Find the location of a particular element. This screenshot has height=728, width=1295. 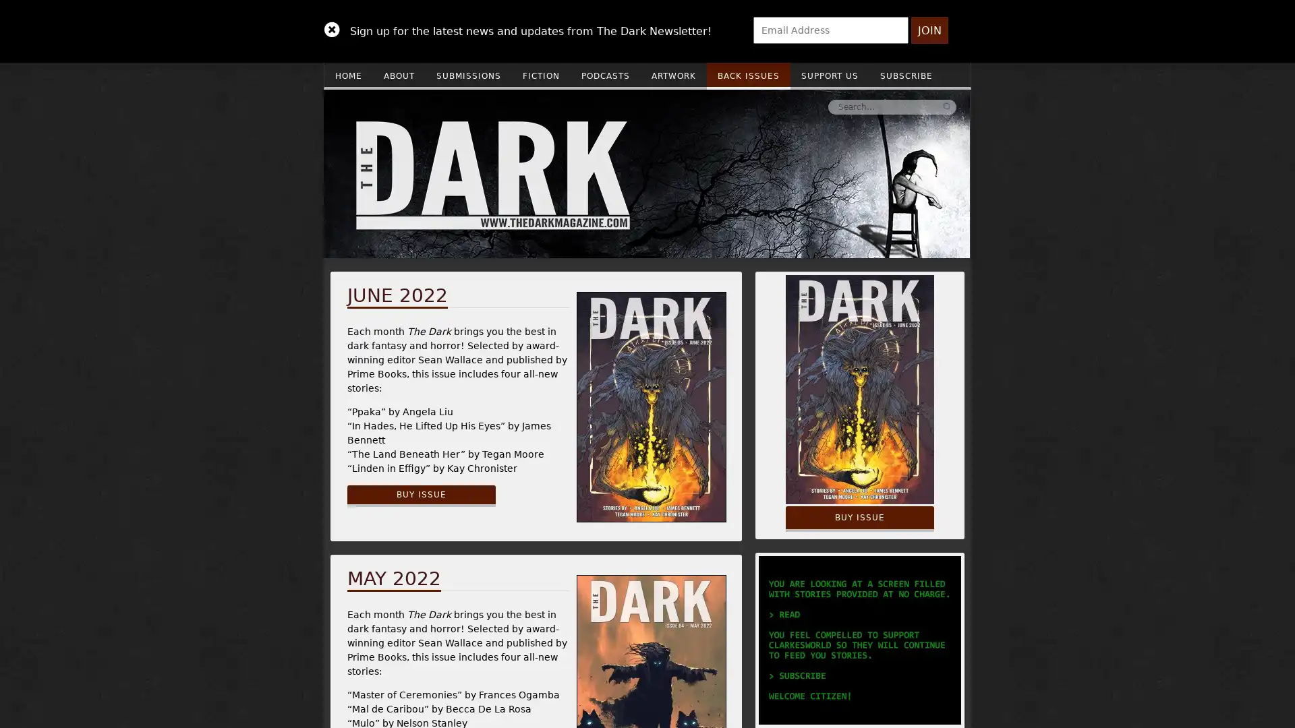

Search is located at coordinates (744, 106).